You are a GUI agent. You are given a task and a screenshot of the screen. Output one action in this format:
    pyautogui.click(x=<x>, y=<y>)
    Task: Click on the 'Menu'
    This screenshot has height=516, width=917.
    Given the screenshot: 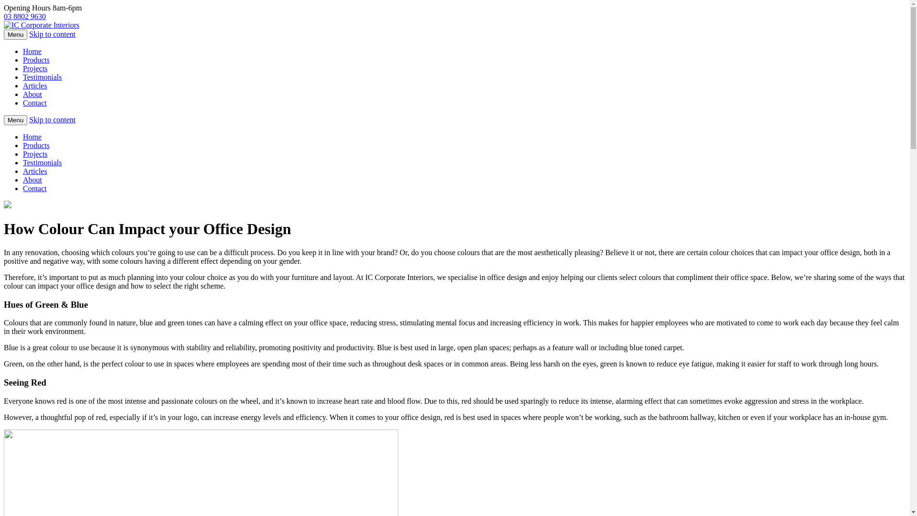 What is the action you would take?
    pyautogui.click(x=15, y=119)
    